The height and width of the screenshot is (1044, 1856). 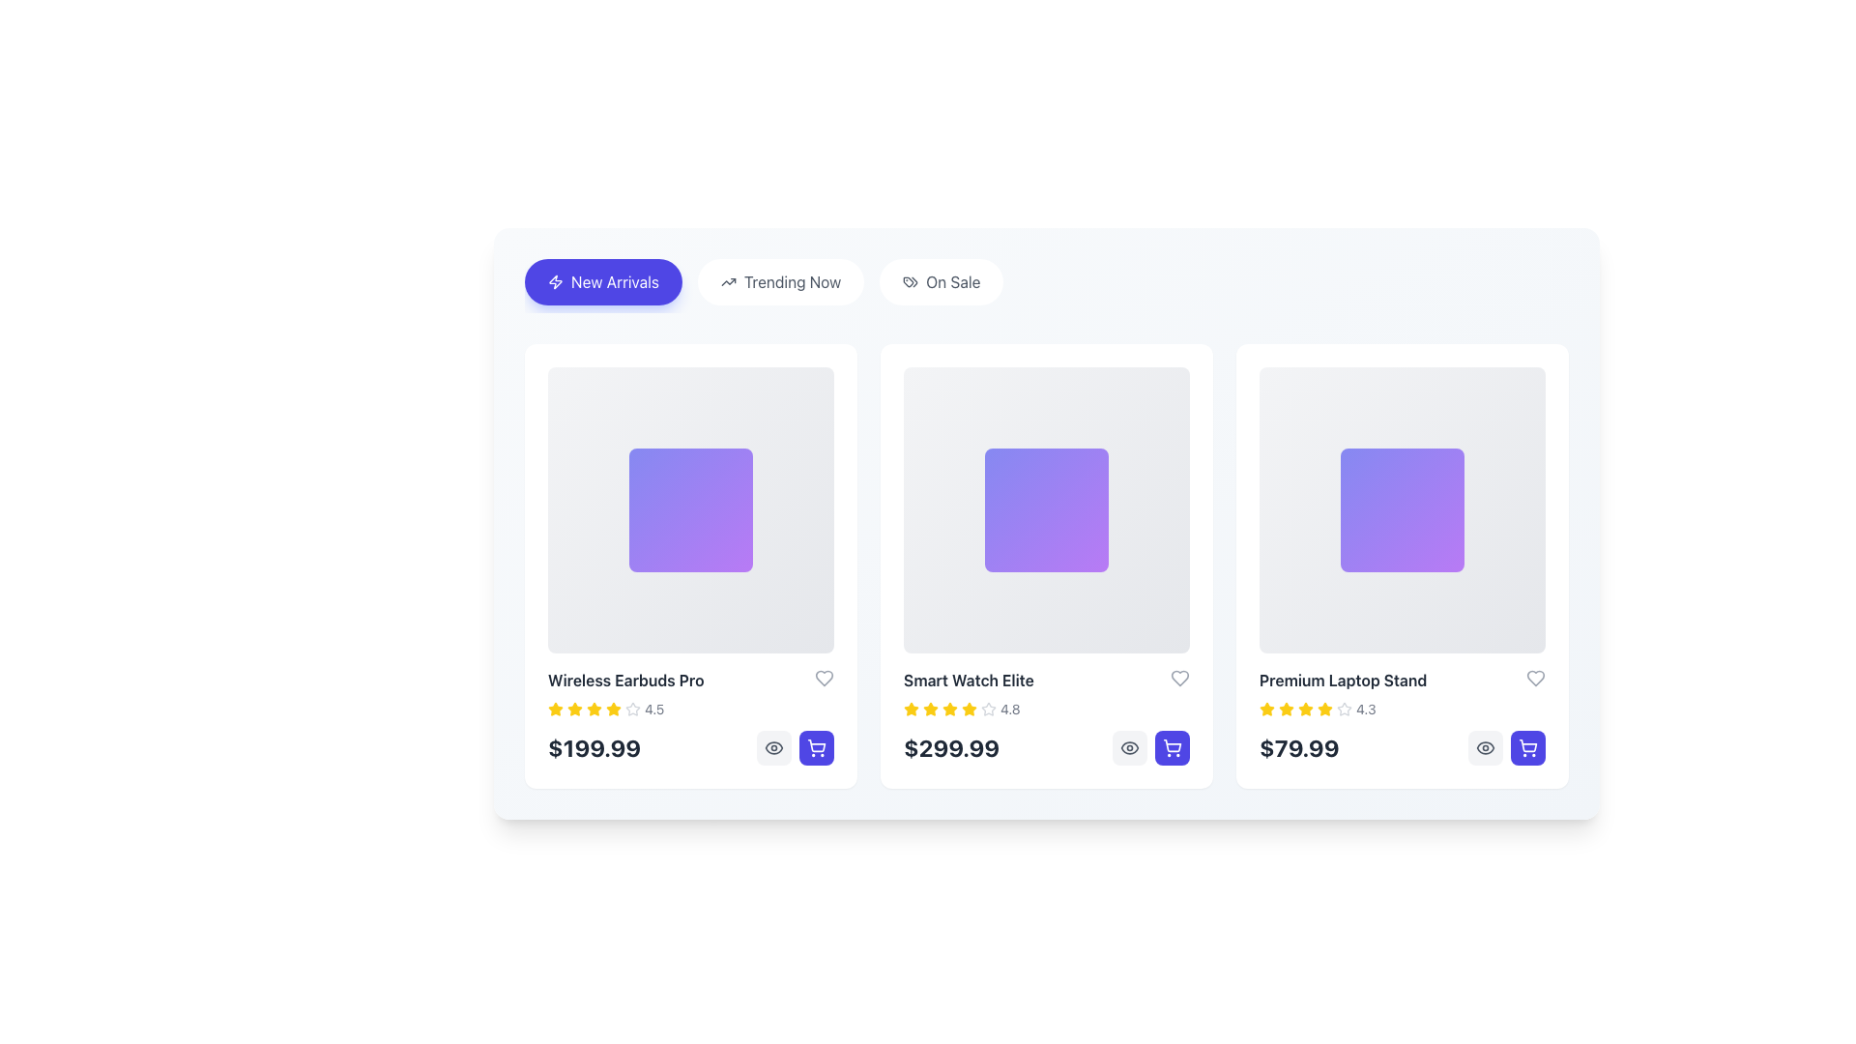 What do you see at coordinates (1344, 709) in the screenshot?
I see `the appearance of the fifth star icon, which is styled with a gray outline and is part of a star rating system for the 'Premium Laptop Stand'` at bounding box center [1344, 709].